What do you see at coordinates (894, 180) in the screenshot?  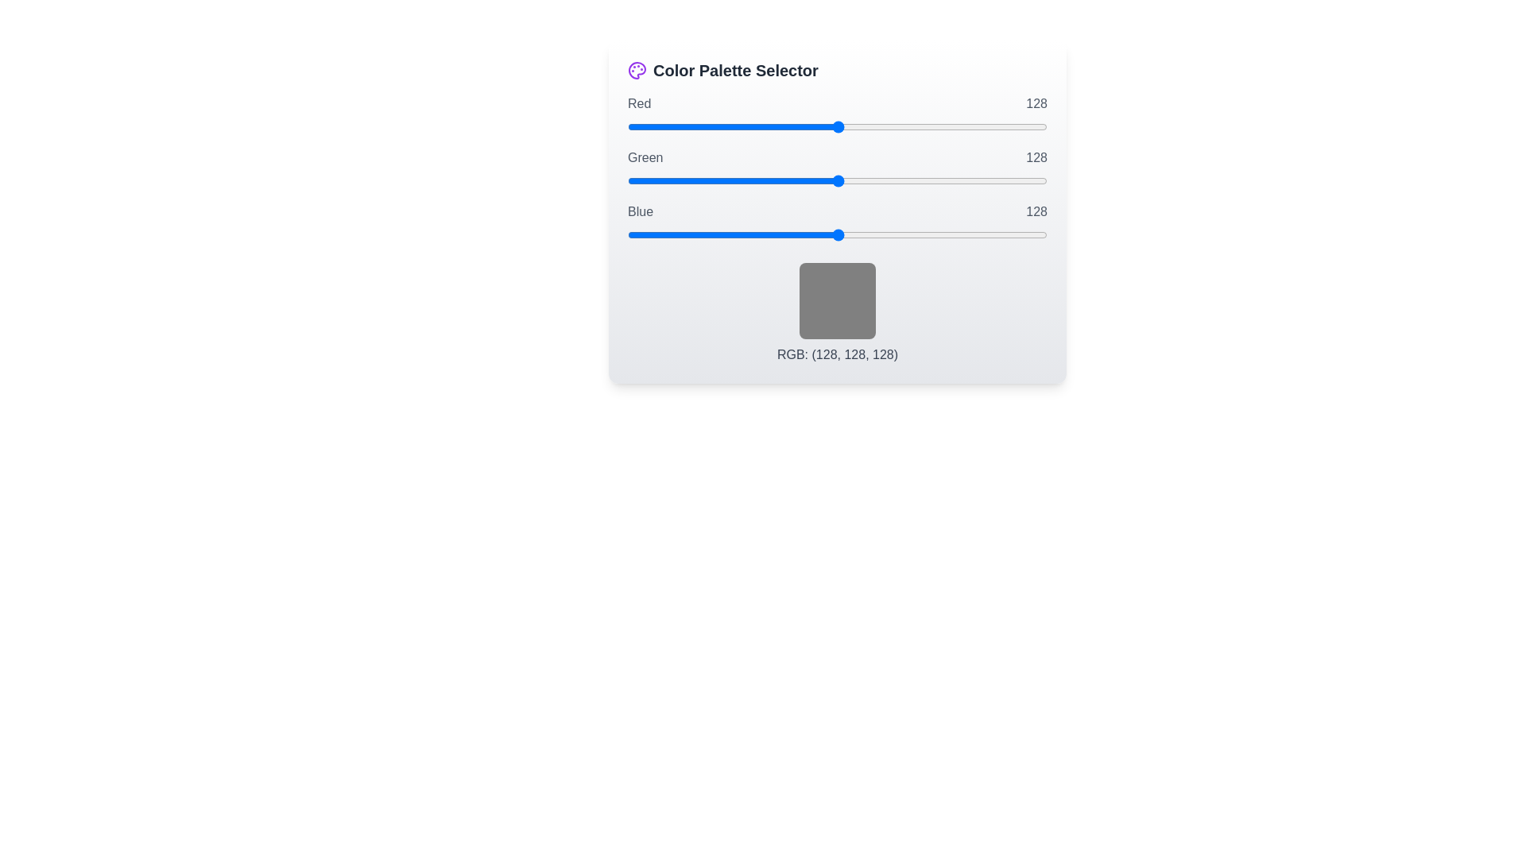 I see `the green slider to set its value to 162` at bounding box center [894, 180].